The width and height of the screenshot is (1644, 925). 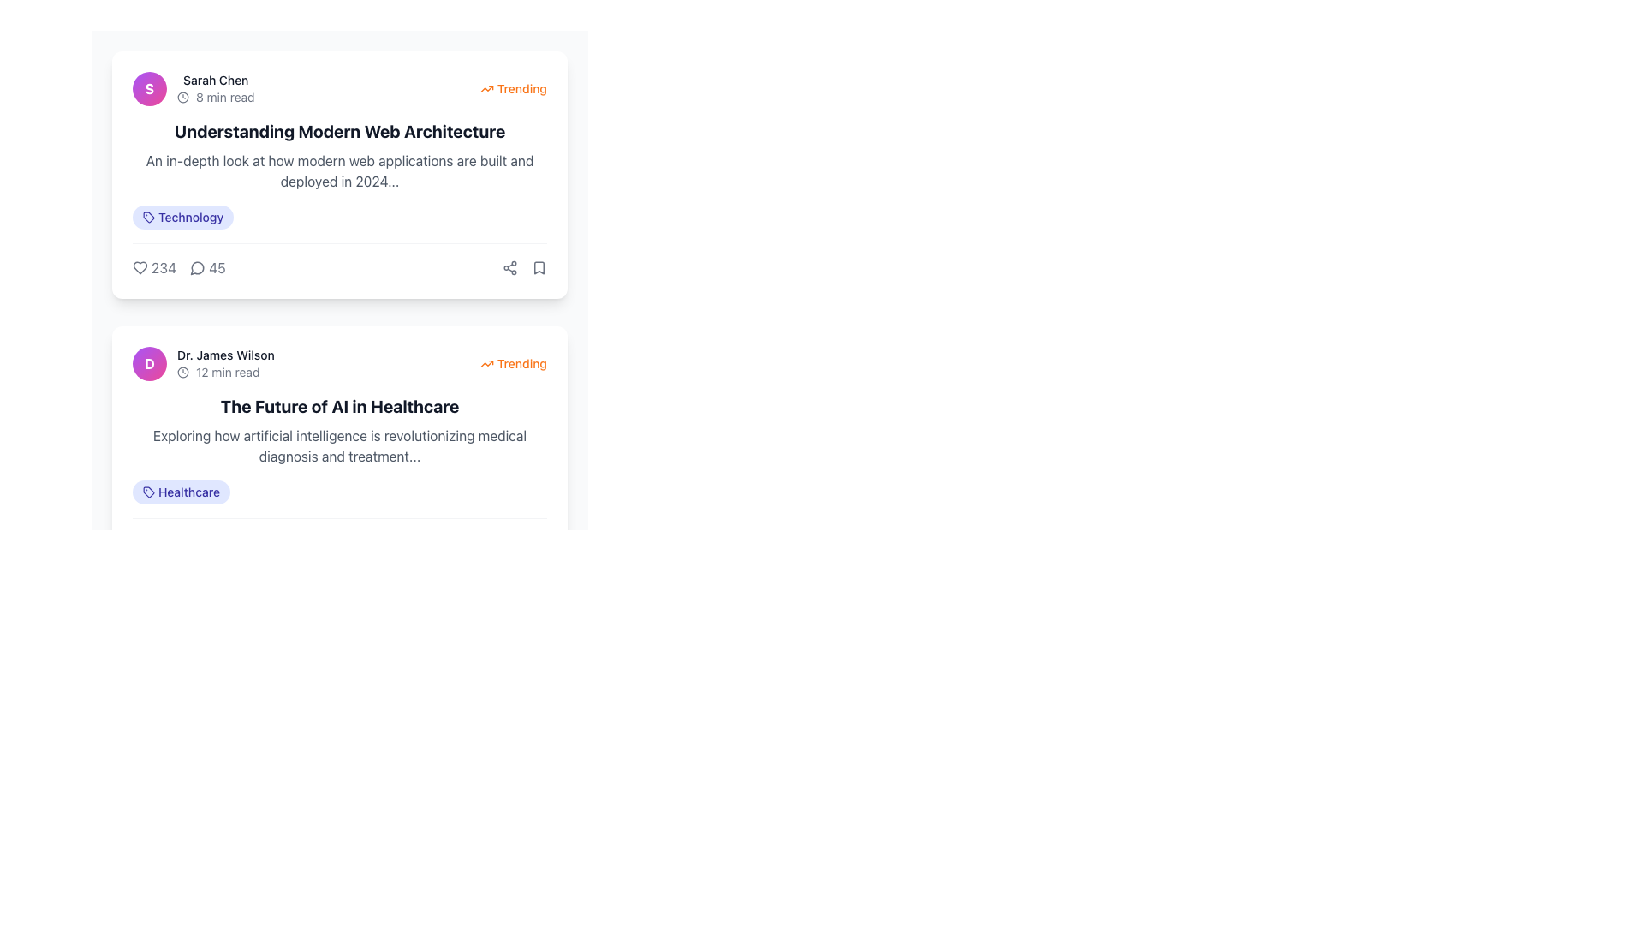 What do you see at coordinates (538, 267) in the screenshot?
I see `the bookmark icon, which is styled gray and turns yellow on hover, located at the bottom right of the card for the article titled 'Understanding Modern Web Architecture.'` at bounding box center [538, 267].